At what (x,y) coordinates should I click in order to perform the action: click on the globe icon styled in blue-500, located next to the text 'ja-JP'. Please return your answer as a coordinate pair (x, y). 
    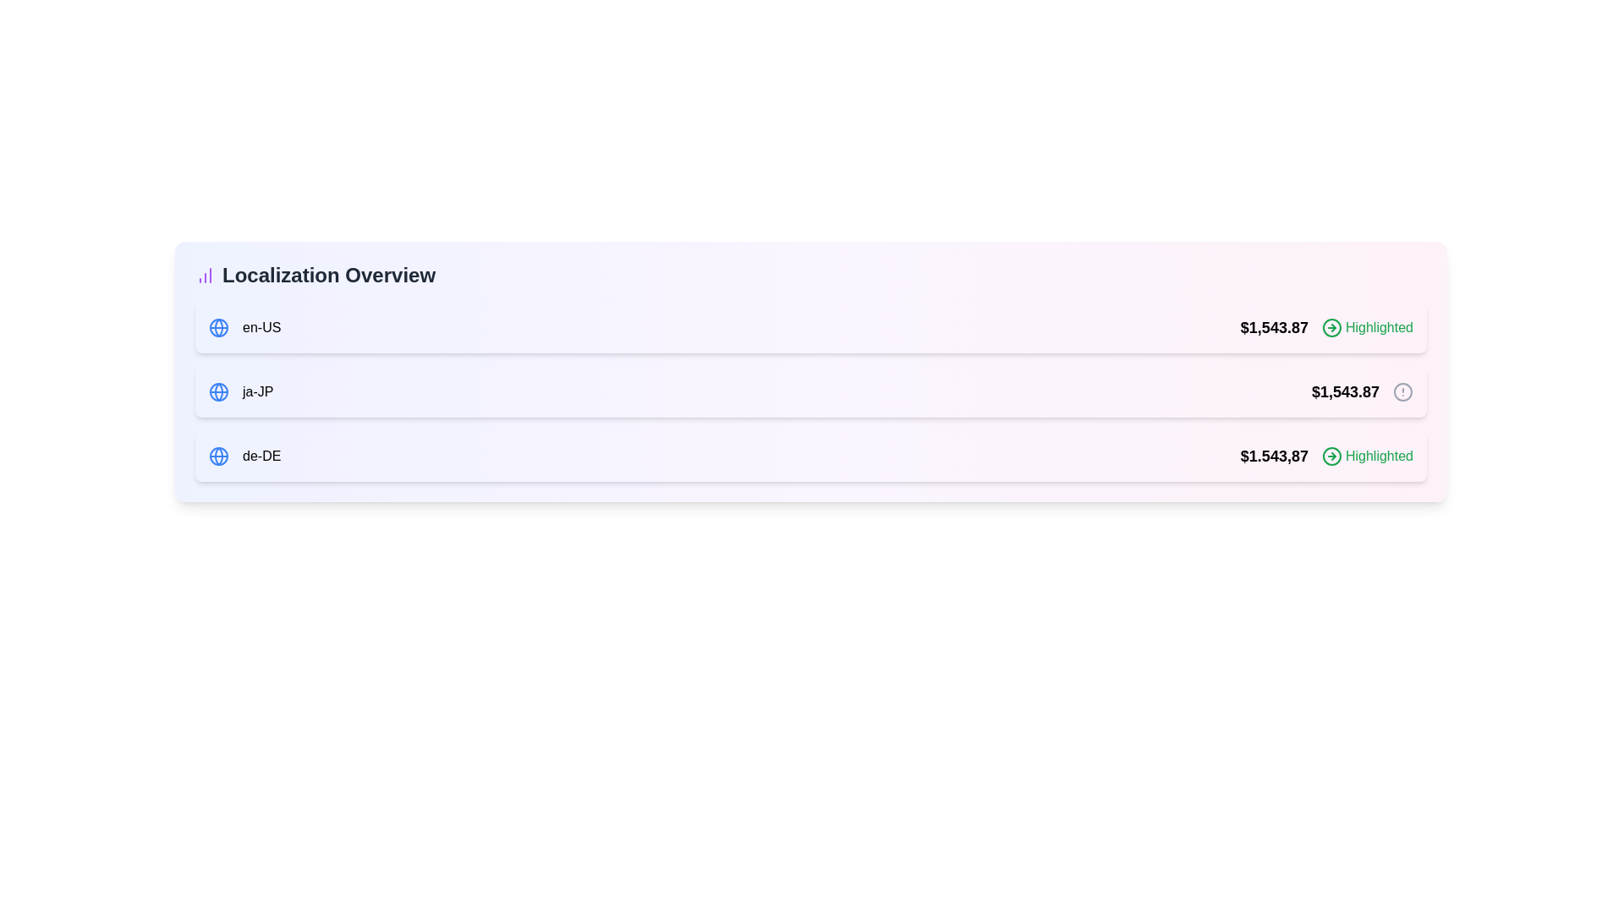
    Looking at the image, I should click on (218, 391).